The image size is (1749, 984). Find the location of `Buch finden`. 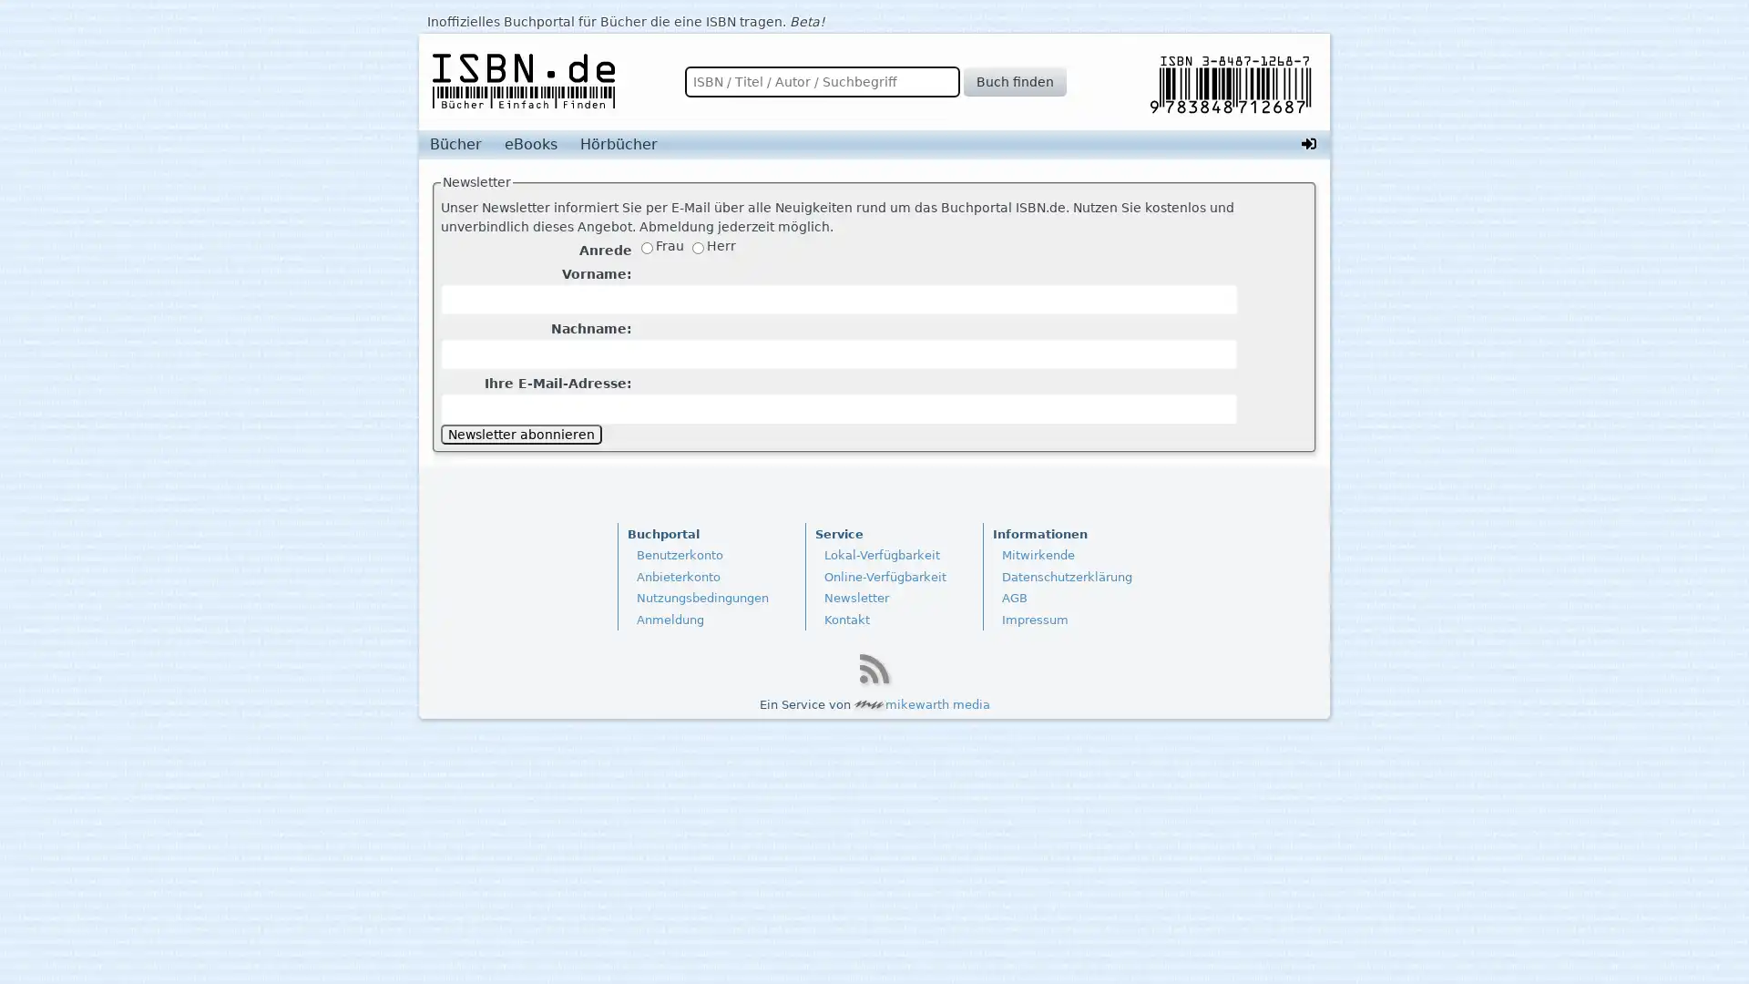

Buch finden is located at coordinates (1013, 80).